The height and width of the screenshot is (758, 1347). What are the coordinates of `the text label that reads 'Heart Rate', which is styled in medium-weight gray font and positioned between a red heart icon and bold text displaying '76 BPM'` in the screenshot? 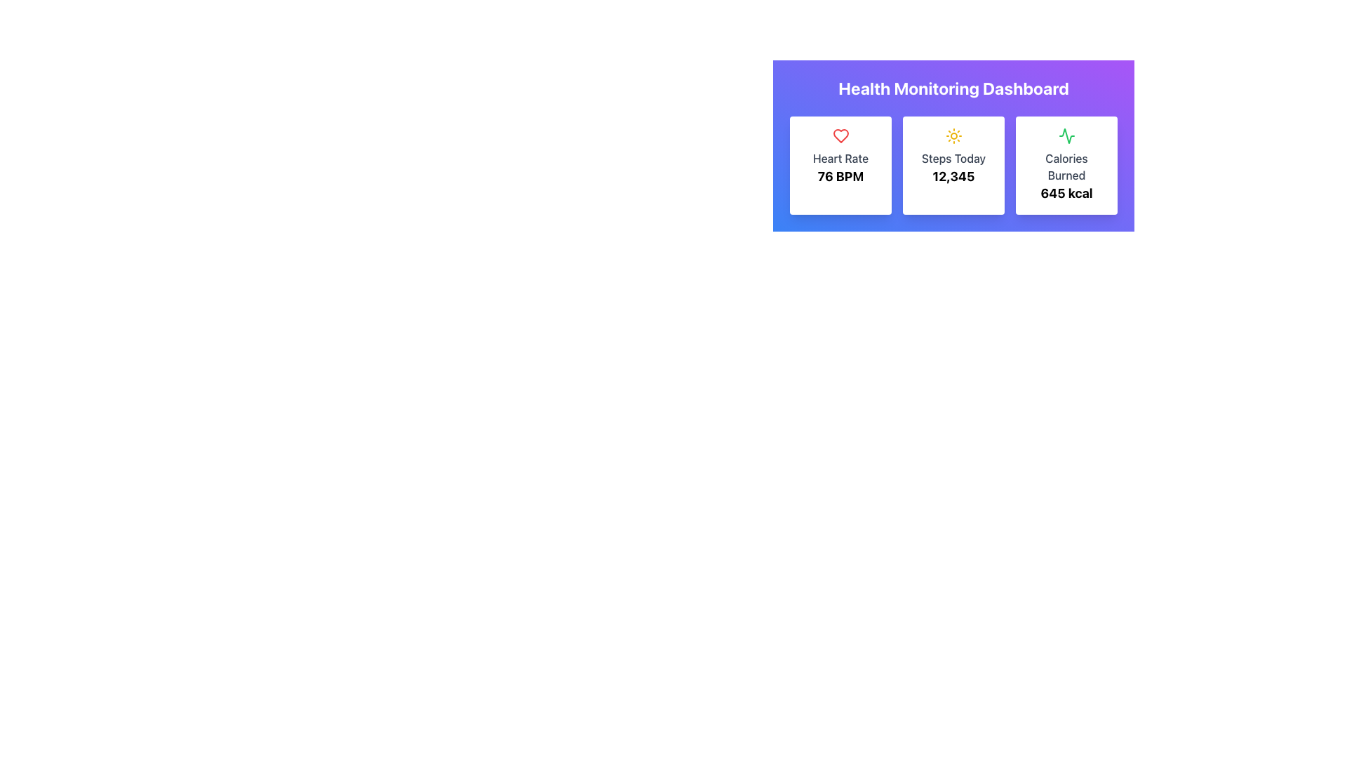 It's located at (840, 158).